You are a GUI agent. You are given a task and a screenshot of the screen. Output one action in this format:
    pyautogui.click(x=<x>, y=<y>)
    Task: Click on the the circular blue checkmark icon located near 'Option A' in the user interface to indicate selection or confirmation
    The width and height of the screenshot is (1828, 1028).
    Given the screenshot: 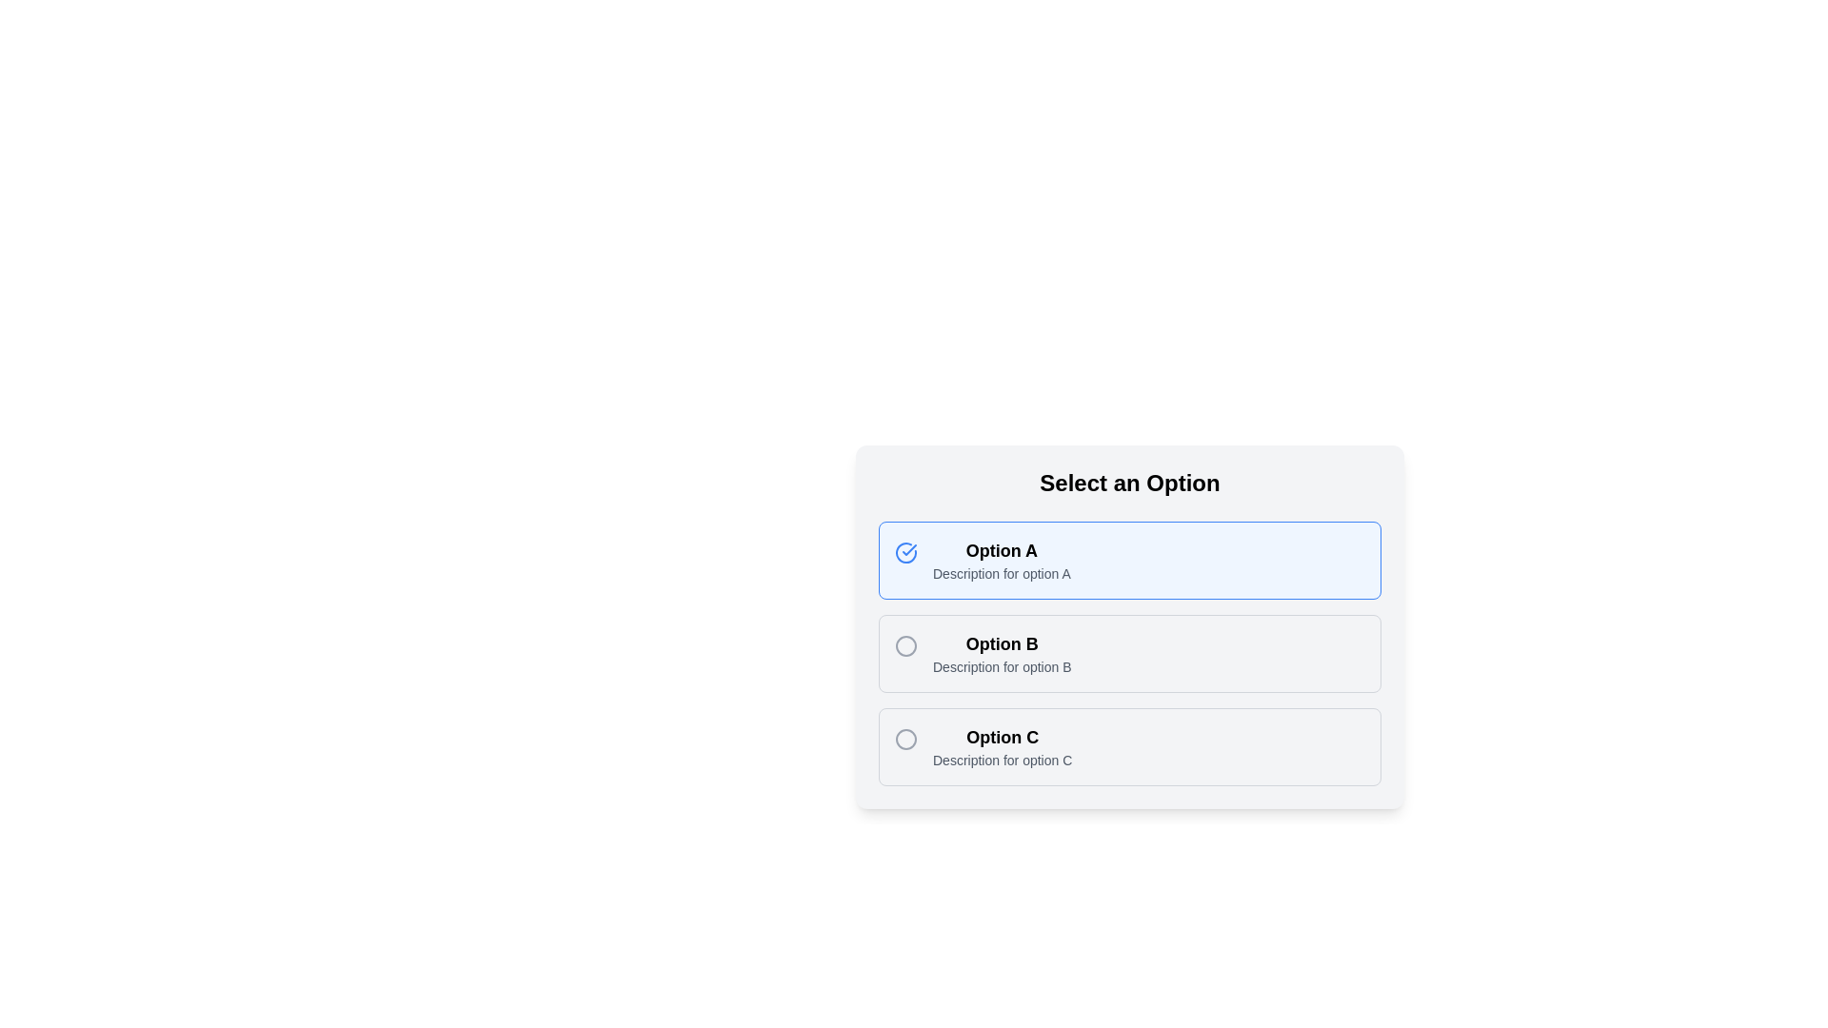 What is the action you would take?
    pyautogui.click(x=904, y=553)
    